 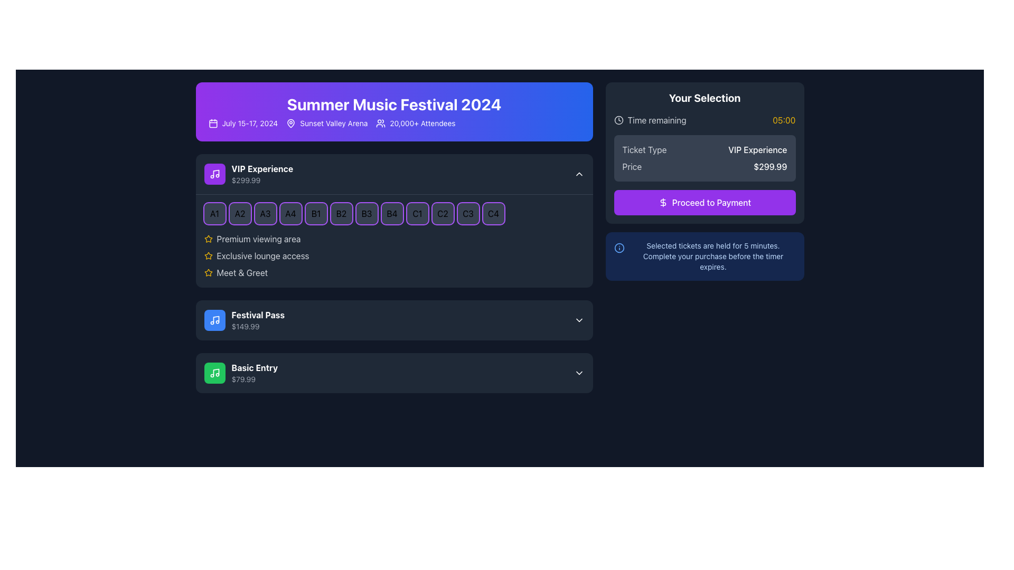 I want to click on the text label that describes the benefit of the VIP Experience, which is located directly below the row of buttons labeled with seat identifiers in the VIP Experience section, so click(x=258, y=239).